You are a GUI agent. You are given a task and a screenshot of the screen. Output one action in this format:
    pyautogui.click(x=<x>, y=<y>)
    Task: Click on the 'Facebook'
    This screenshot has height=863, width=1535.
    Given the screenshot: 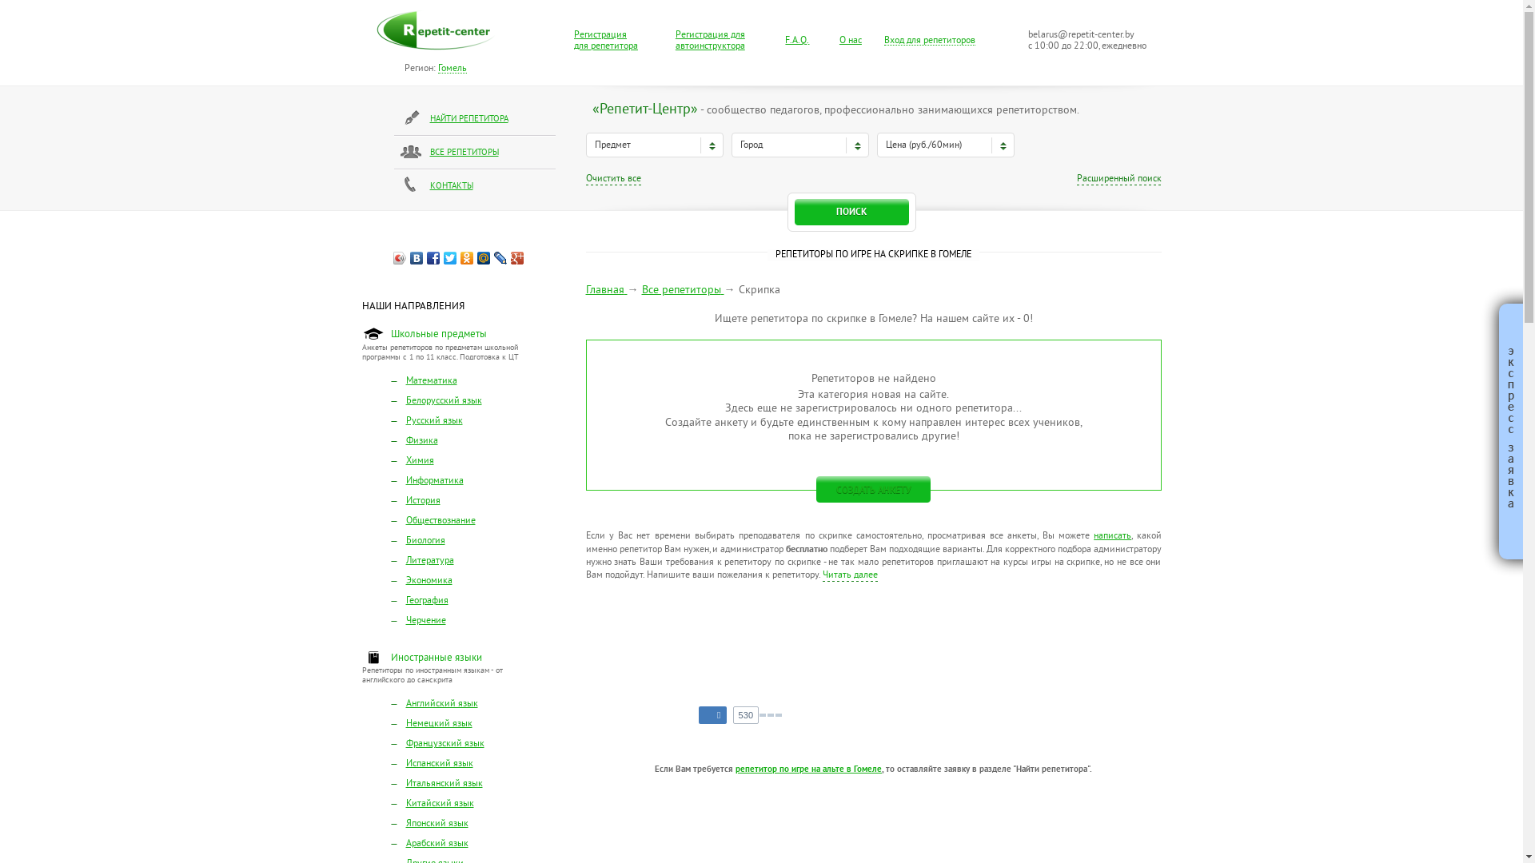 What is the action you would take?
    pyautogui.click(x=425, y=257)
    